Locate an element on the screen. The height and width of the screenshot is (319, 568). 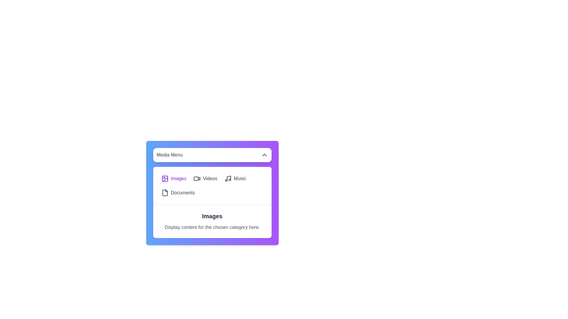
the decorative vector graphic component nested within the SVG icon structure located in the bottom-right quadrant of the media interface is located at coordinates (165, 180).